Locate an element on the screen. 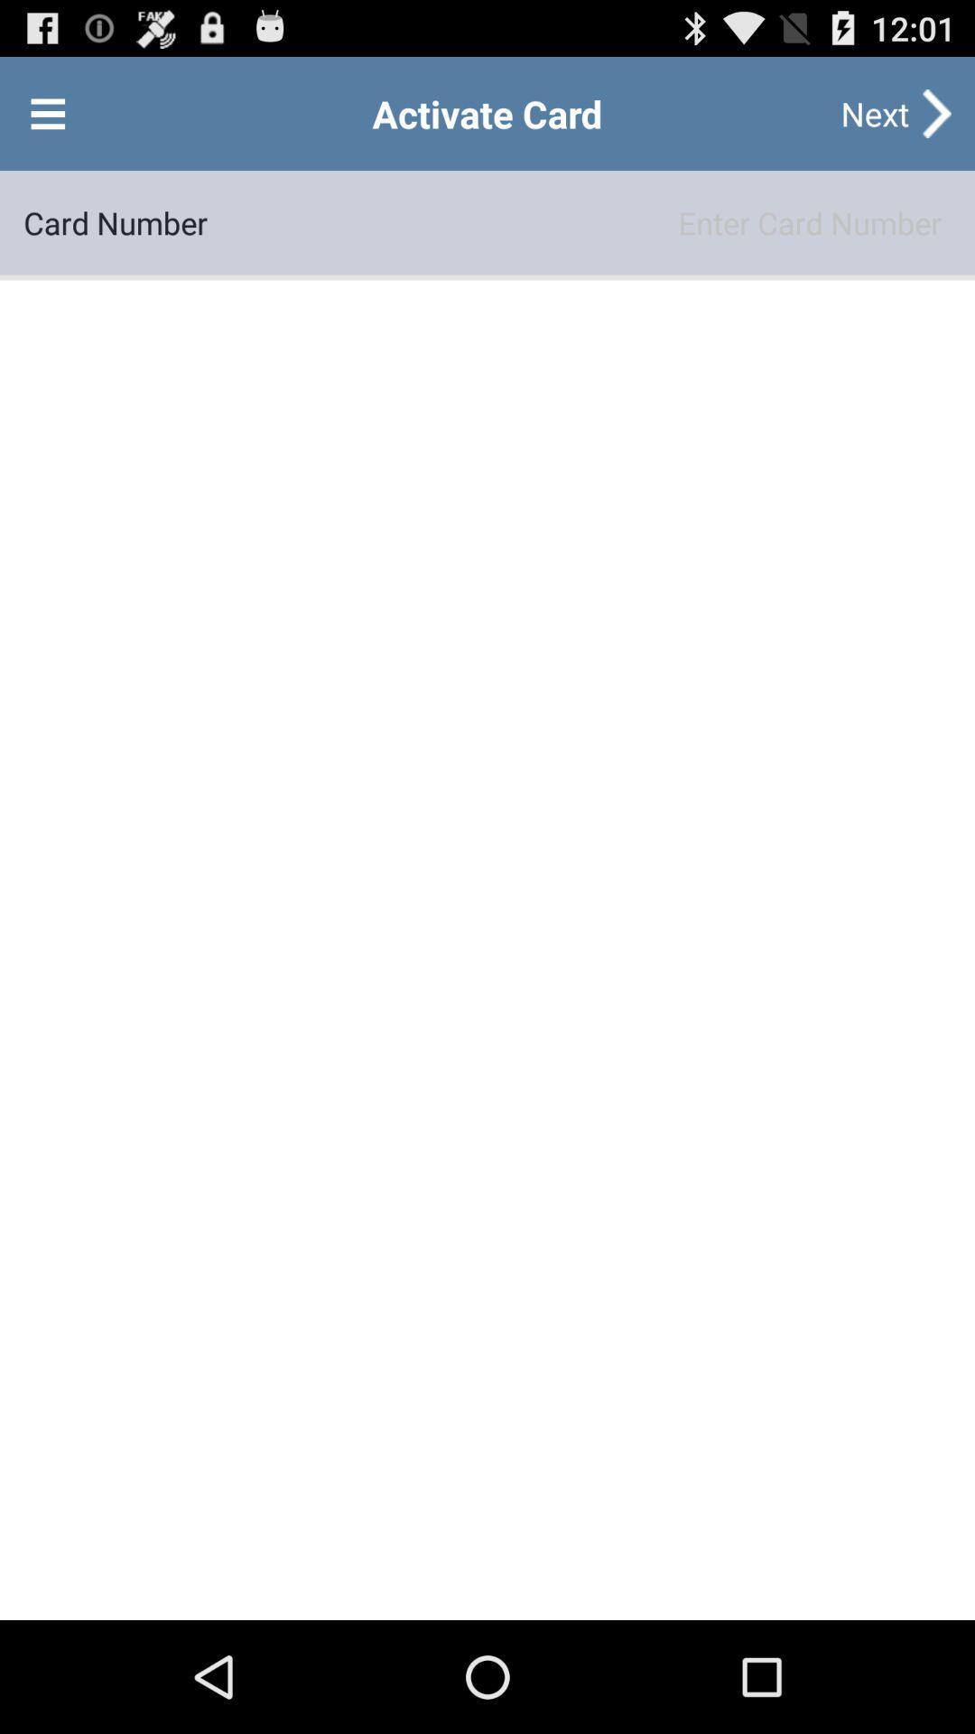  next item is located at coordinates (874, 112).